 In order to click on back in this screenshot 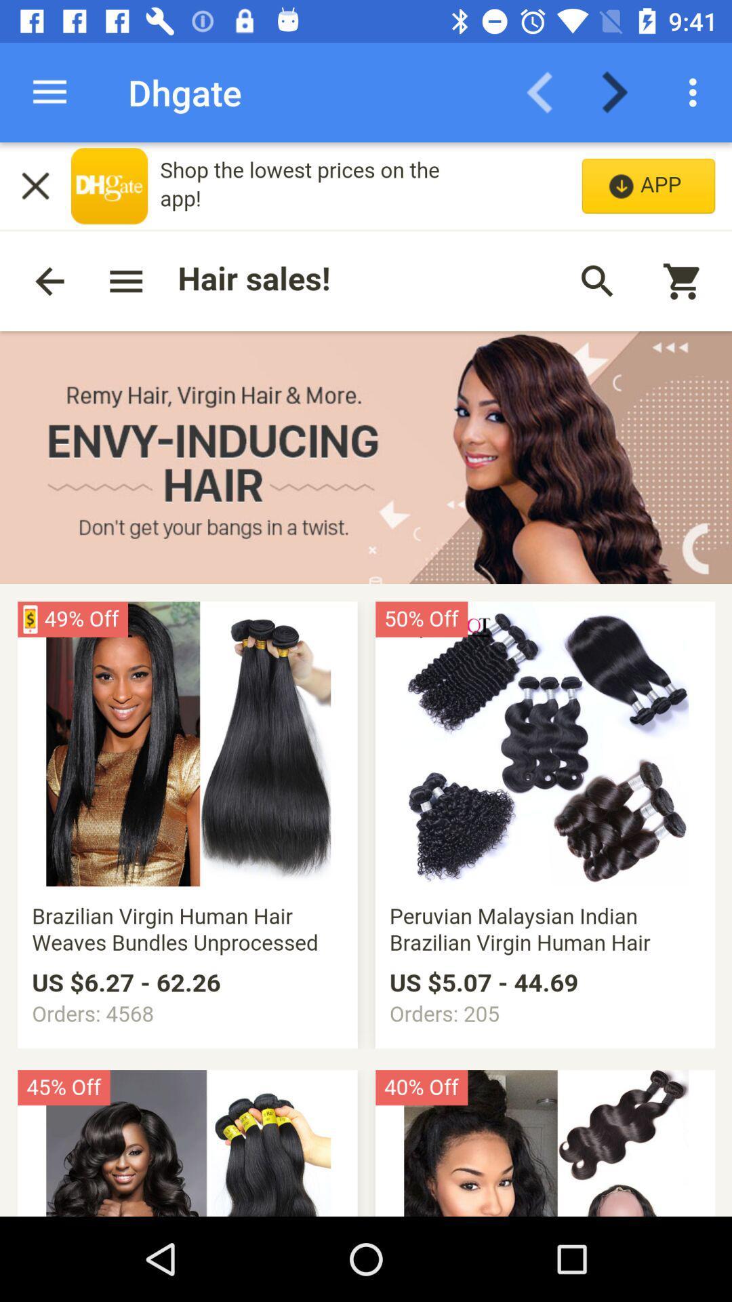, I will do `click(548, 92)`.